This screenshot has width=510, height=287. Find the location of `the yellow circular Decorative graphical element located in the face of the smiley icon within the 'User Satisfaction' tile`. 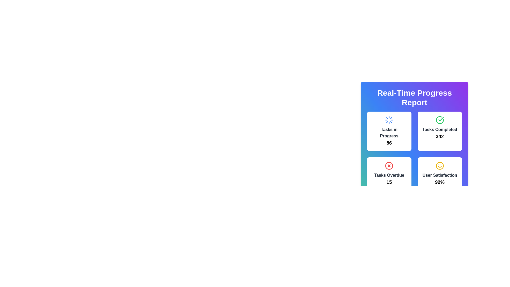

the yellow circular Decorative graphical element located in the face of the smiley icon within the 'User Satisfaction' tile is located at coordinates (440, 166).